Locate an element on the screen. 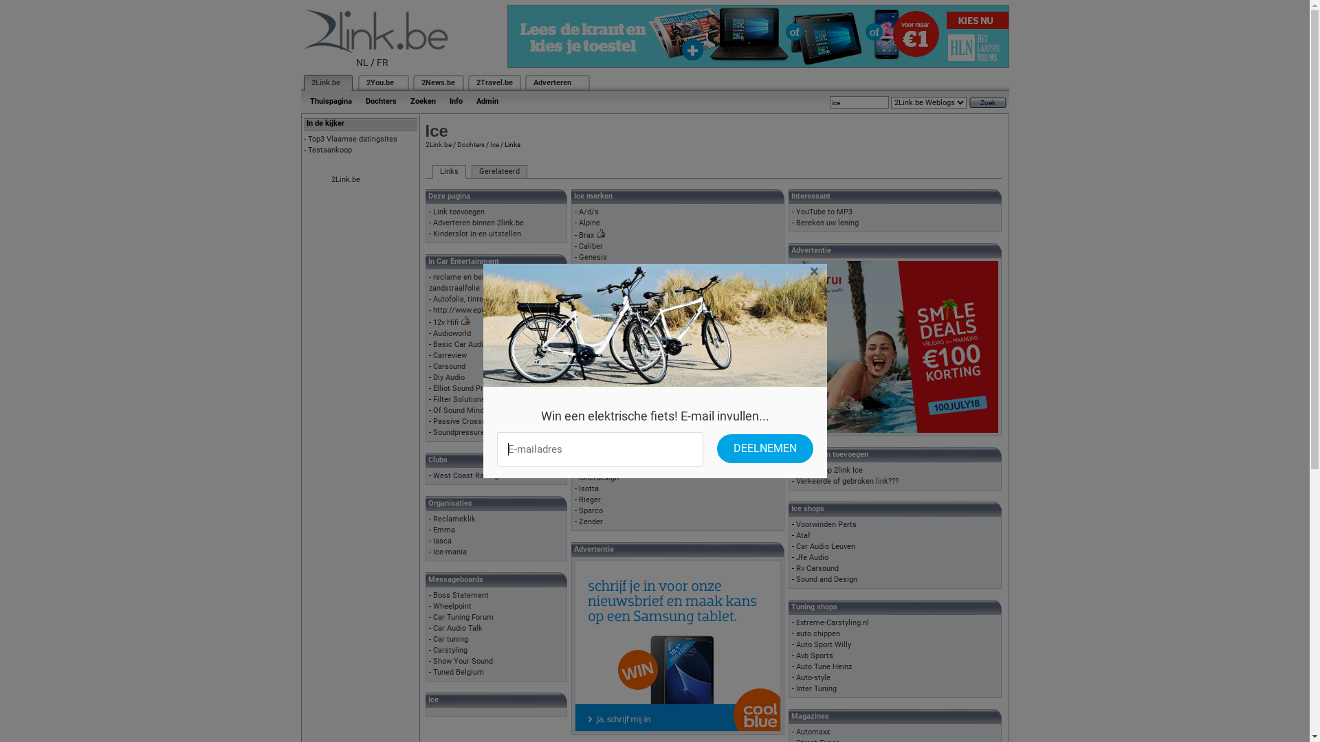 The width and height of the screenshot is (1320, 742). 'Alpine' is located at coordinates (589, 222).